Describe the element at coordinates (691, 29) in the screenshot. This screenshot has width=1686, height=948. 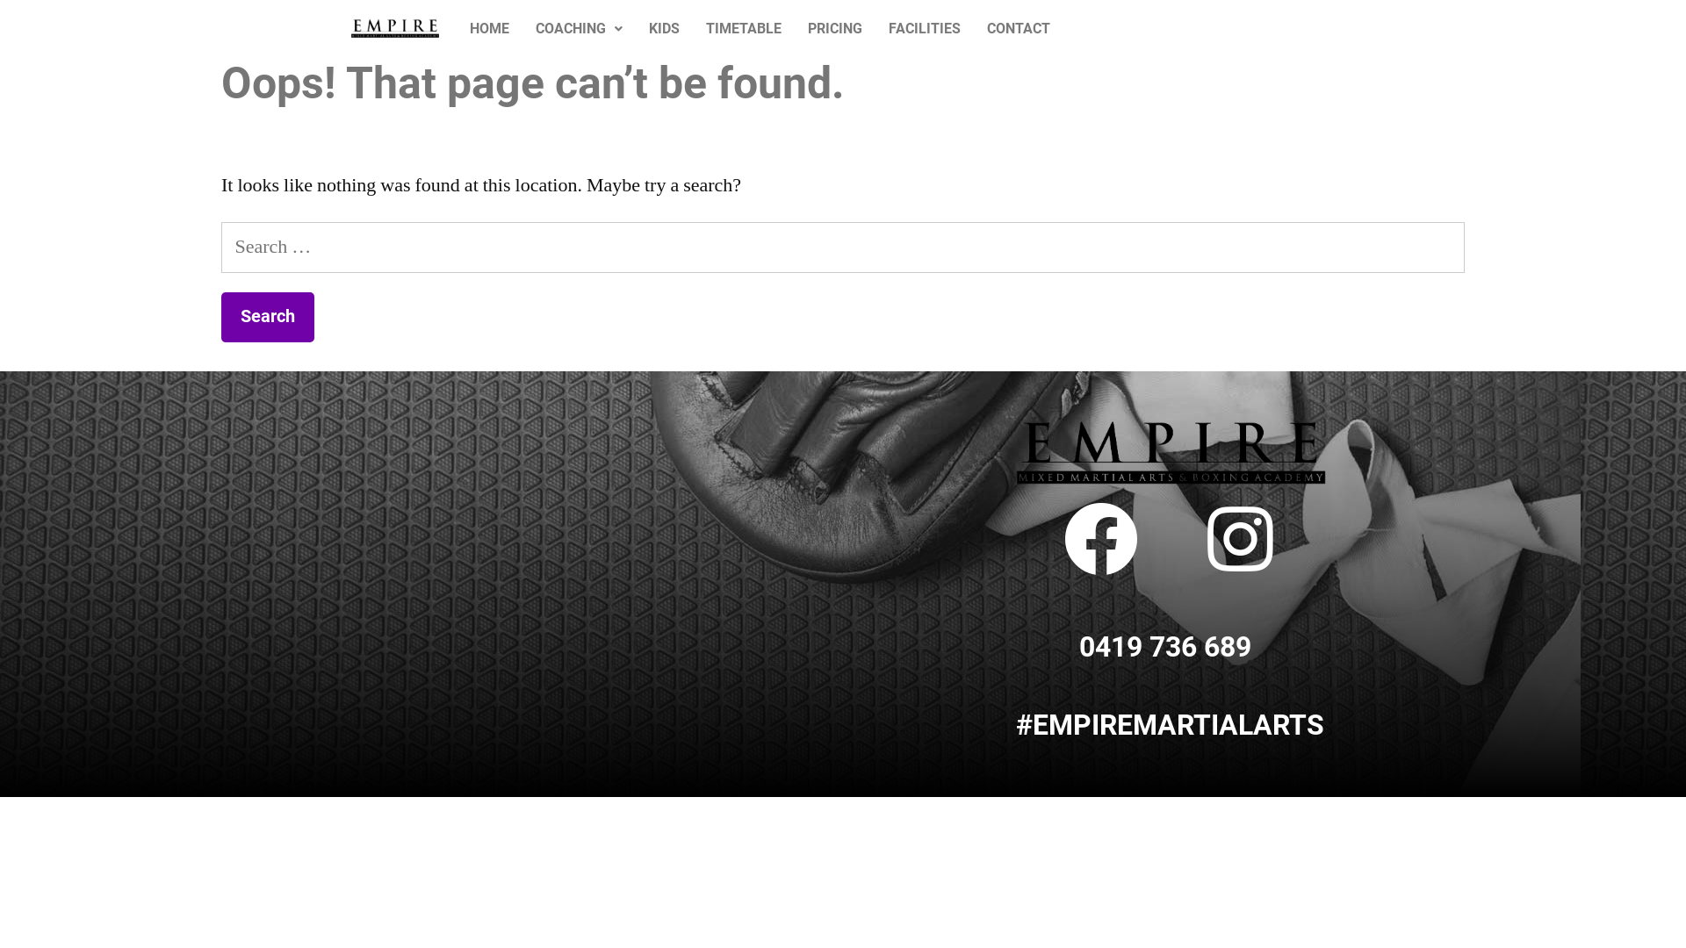
I see `'TIMETABLE'` at that location.